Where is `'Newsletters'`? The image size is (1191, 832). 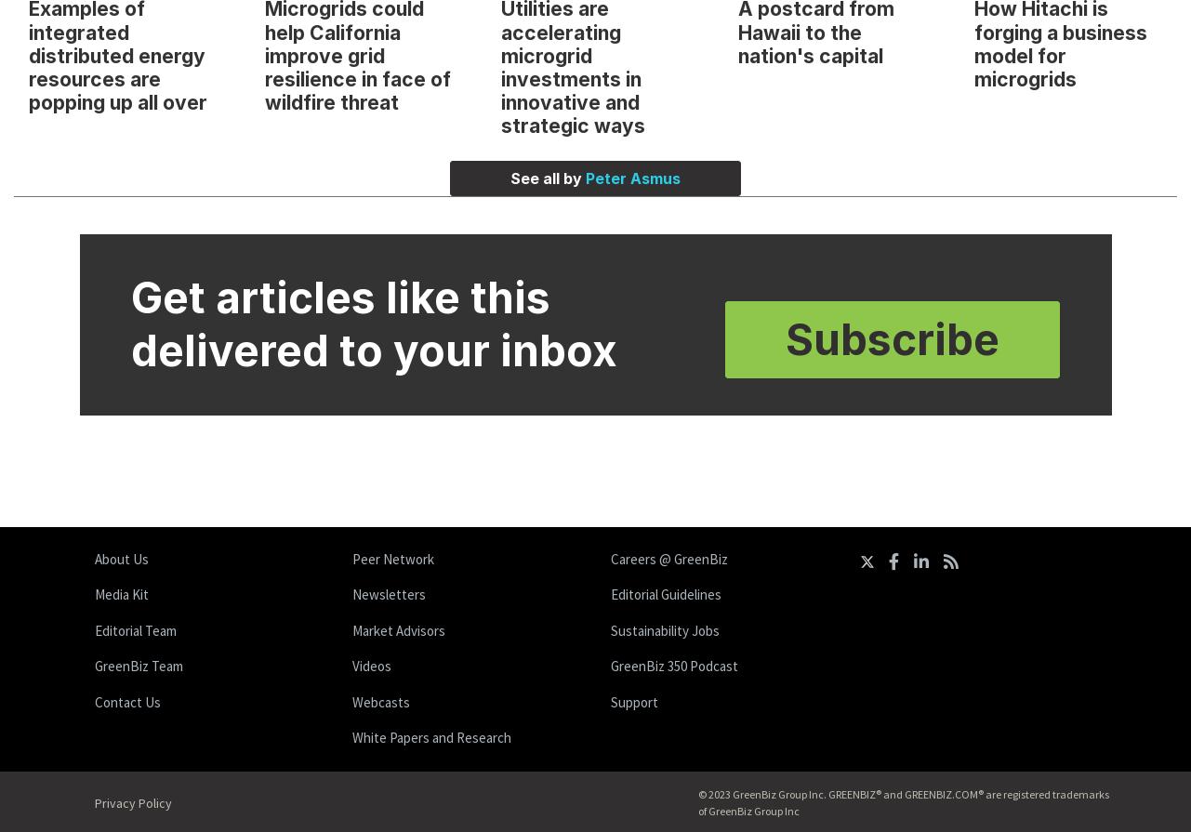
'Newsletters' is located at coordinates (389, 593).